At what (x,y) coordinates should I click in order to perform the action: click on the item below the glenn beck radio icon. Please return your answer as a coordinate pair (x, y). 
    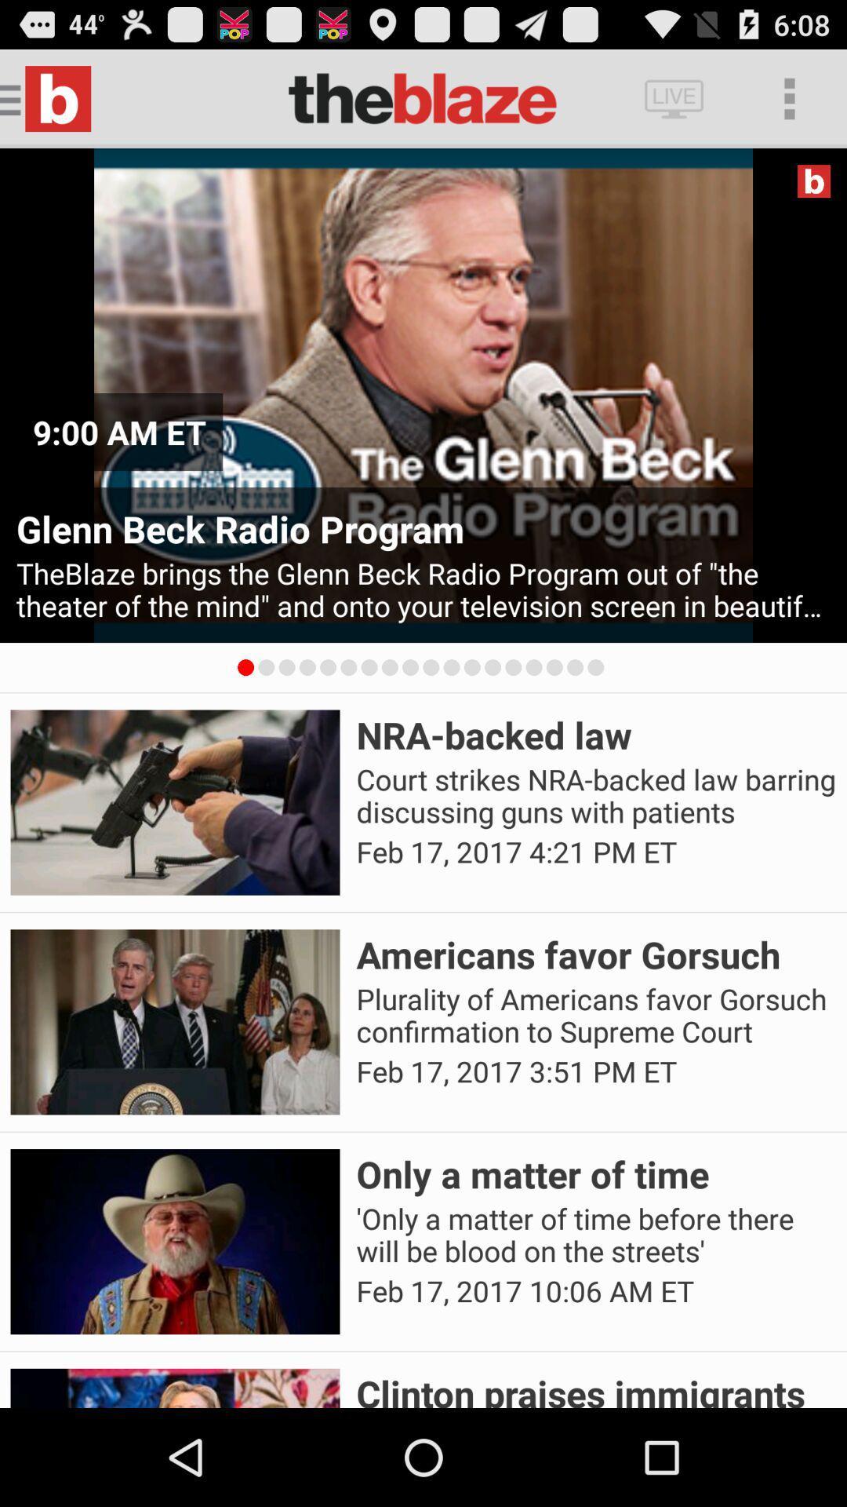
    Looking at the image, I should click on (423, 589).